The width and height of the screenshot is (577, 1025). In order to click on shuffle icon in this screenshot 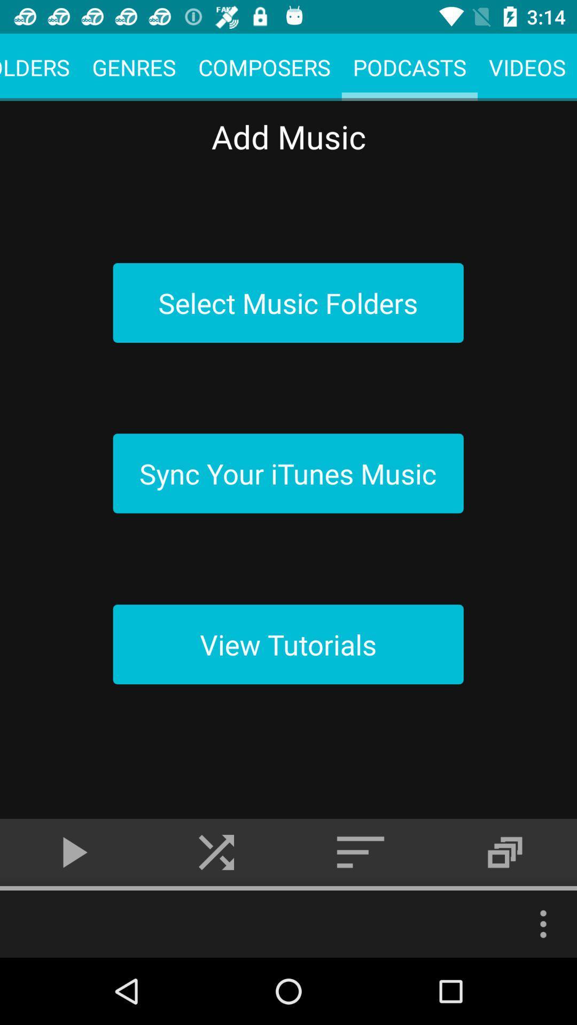, I will do `click(216, 852)`.